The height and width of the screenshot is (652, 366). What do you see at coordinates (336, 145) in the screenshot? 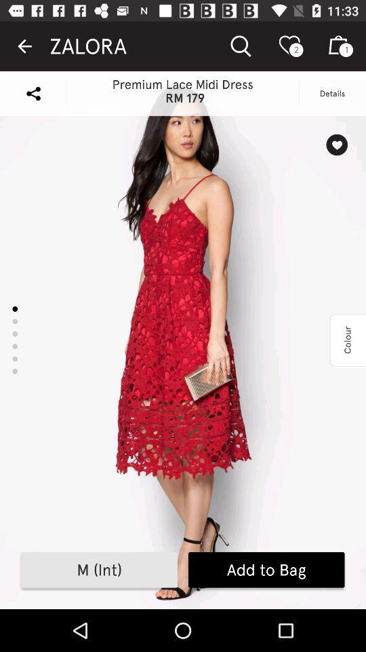
I see `the item` at bounding box center [336, 145].